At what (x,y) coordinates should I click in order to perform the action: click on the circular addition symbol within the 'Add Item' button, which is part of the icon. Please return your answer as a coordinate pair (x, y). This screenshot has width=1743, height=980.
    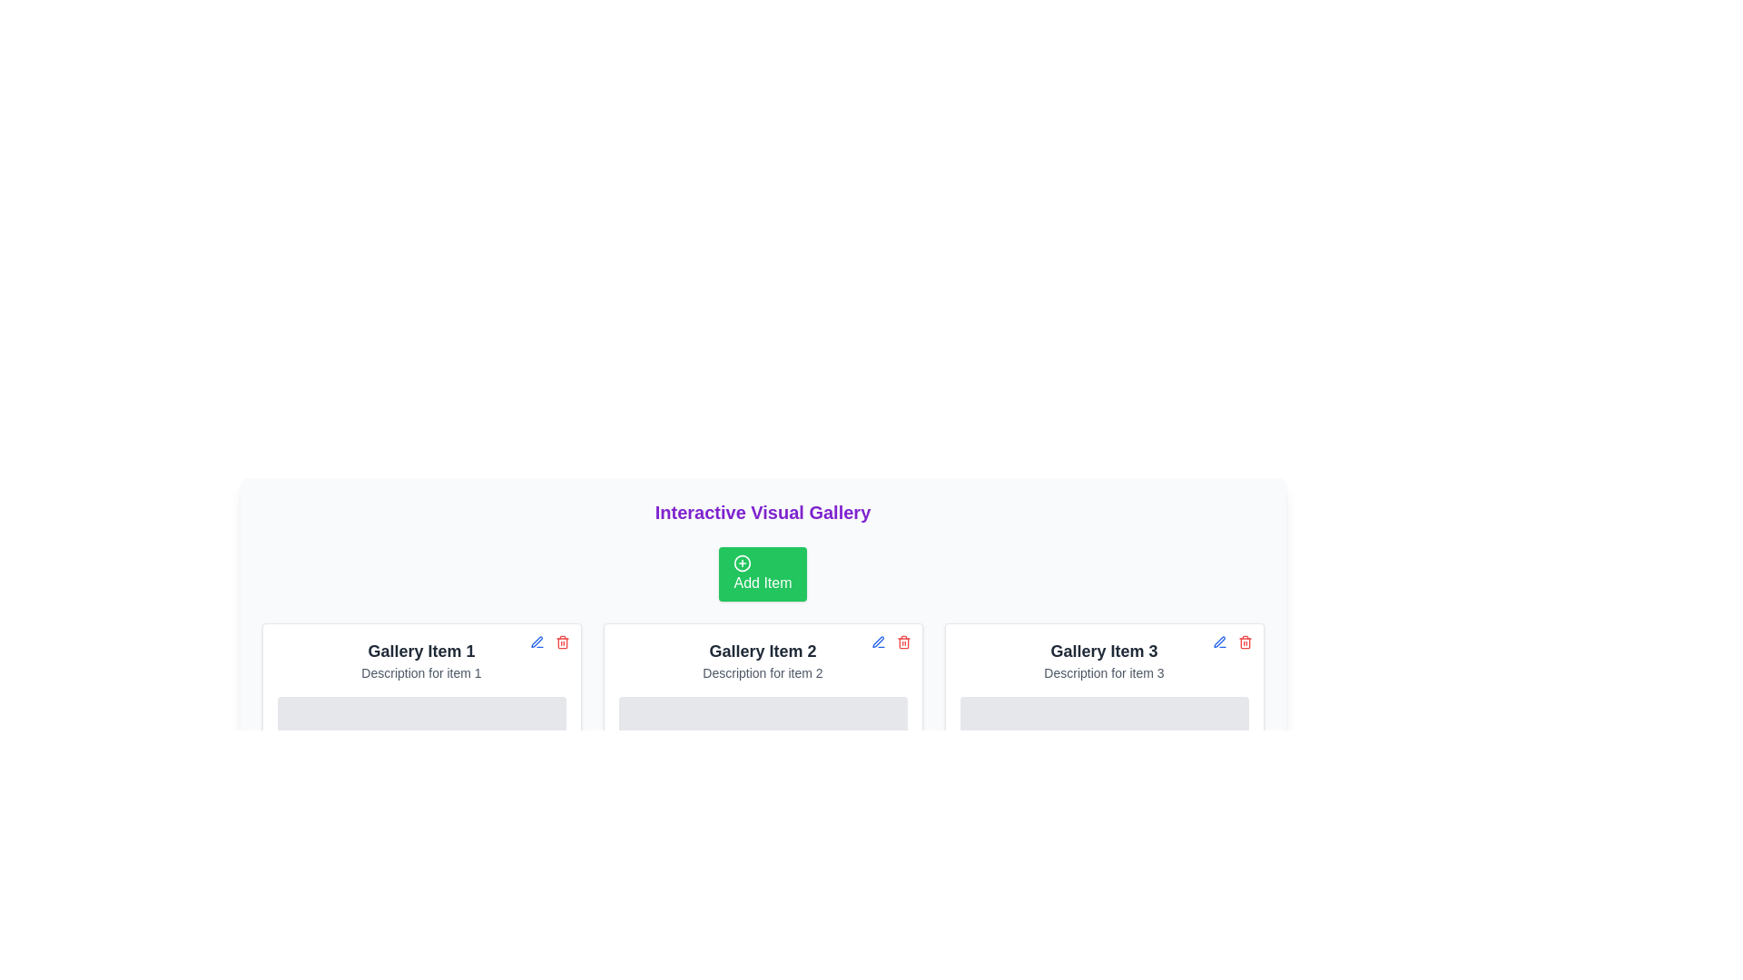
    Looking at the image, I should click on (743, 563).